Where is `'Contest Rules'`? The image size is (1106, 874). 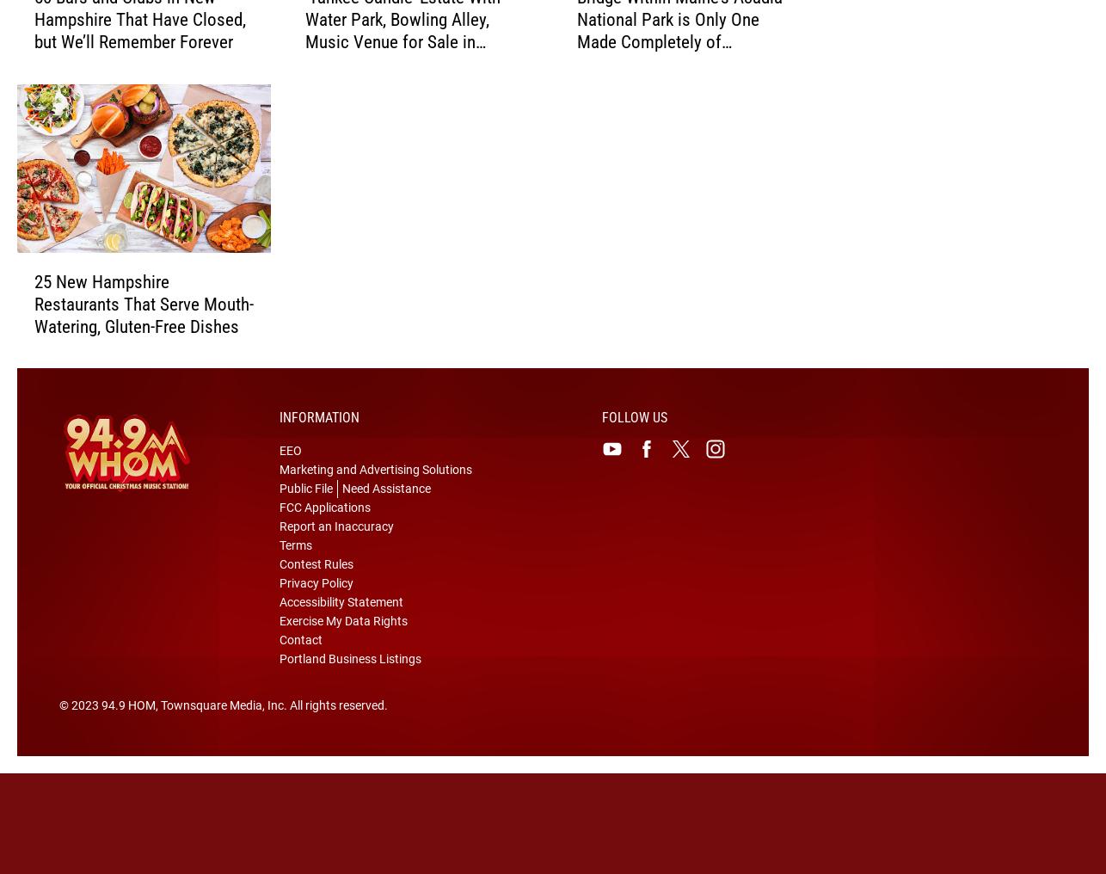
'Contest Rules' is located at coordinates (278, 591).